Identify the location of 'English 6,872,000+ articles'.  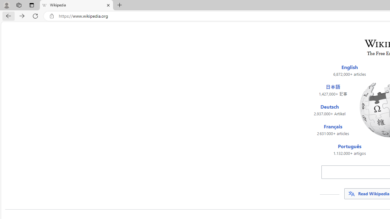
(349, 70).